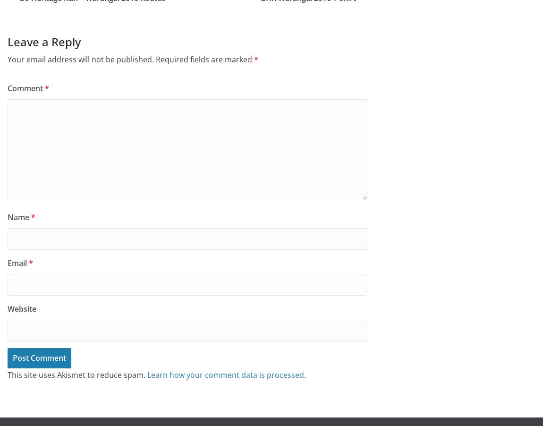 The width and height of the screenshot is (543, 426). Describe the element at coordinates (21, 308) in the screenshot. I see `'Website'` at that location.